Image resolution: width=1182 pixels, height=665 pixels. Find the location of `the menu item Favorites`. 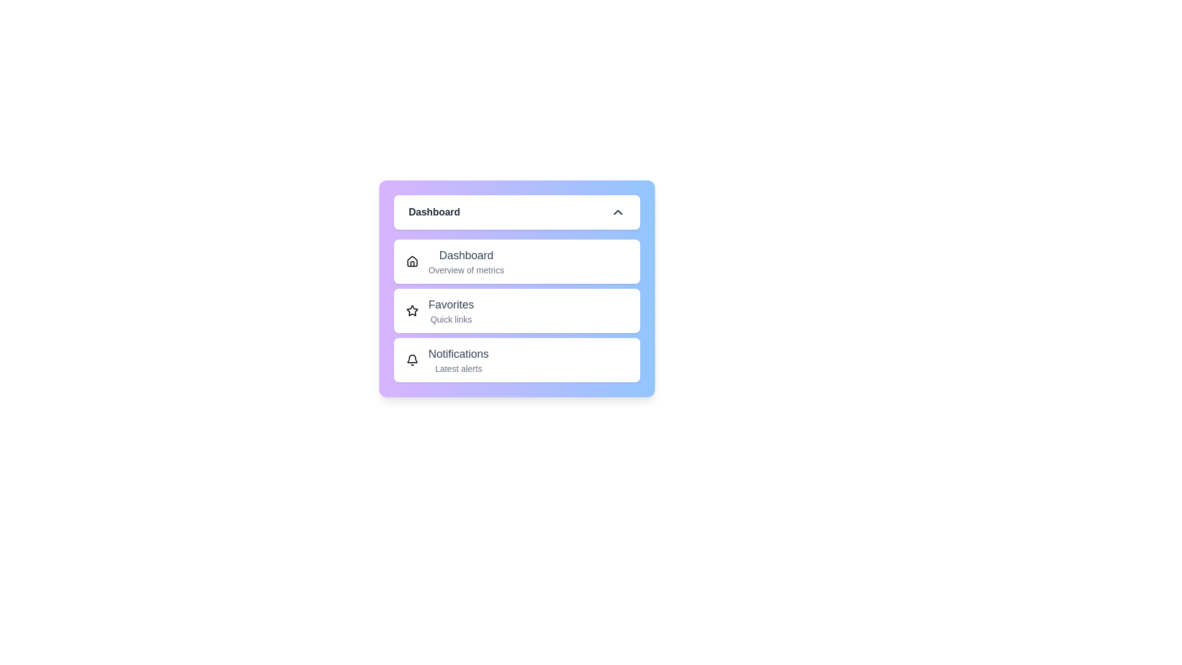

the menu item Favorites is located at coordinates (517, 310).